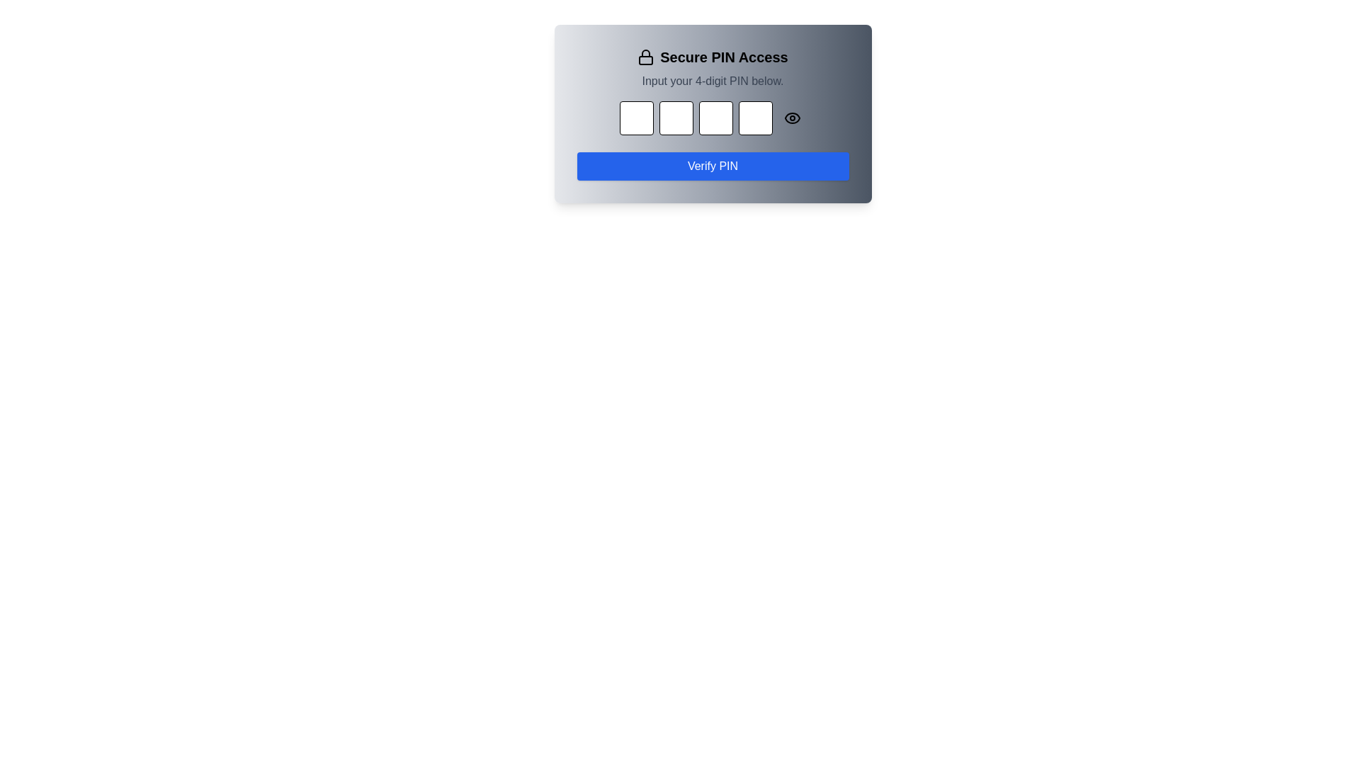 The width and height of the screenshot is (1360, 765). I want to click on the text label that reads 'Input your 4-digit PIN below.' which is styled in gray color and positioned below the header 'Secure PIN Access', so click(713, 81).